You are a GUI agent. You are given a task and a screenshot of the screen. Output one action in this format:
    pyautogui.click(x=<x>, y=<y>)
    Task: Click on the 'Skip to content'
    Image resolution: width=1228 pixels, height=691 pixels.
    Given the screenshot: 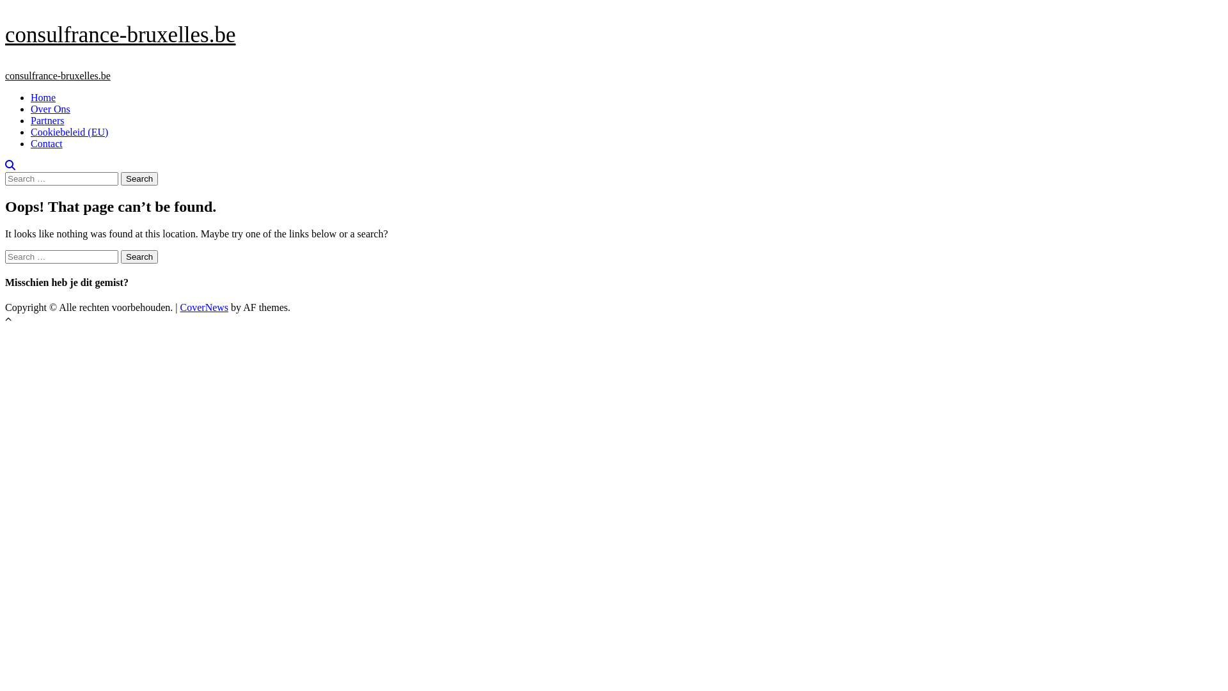 What is the action you would take?
    pyautogui.click(x=4, y=22)
    